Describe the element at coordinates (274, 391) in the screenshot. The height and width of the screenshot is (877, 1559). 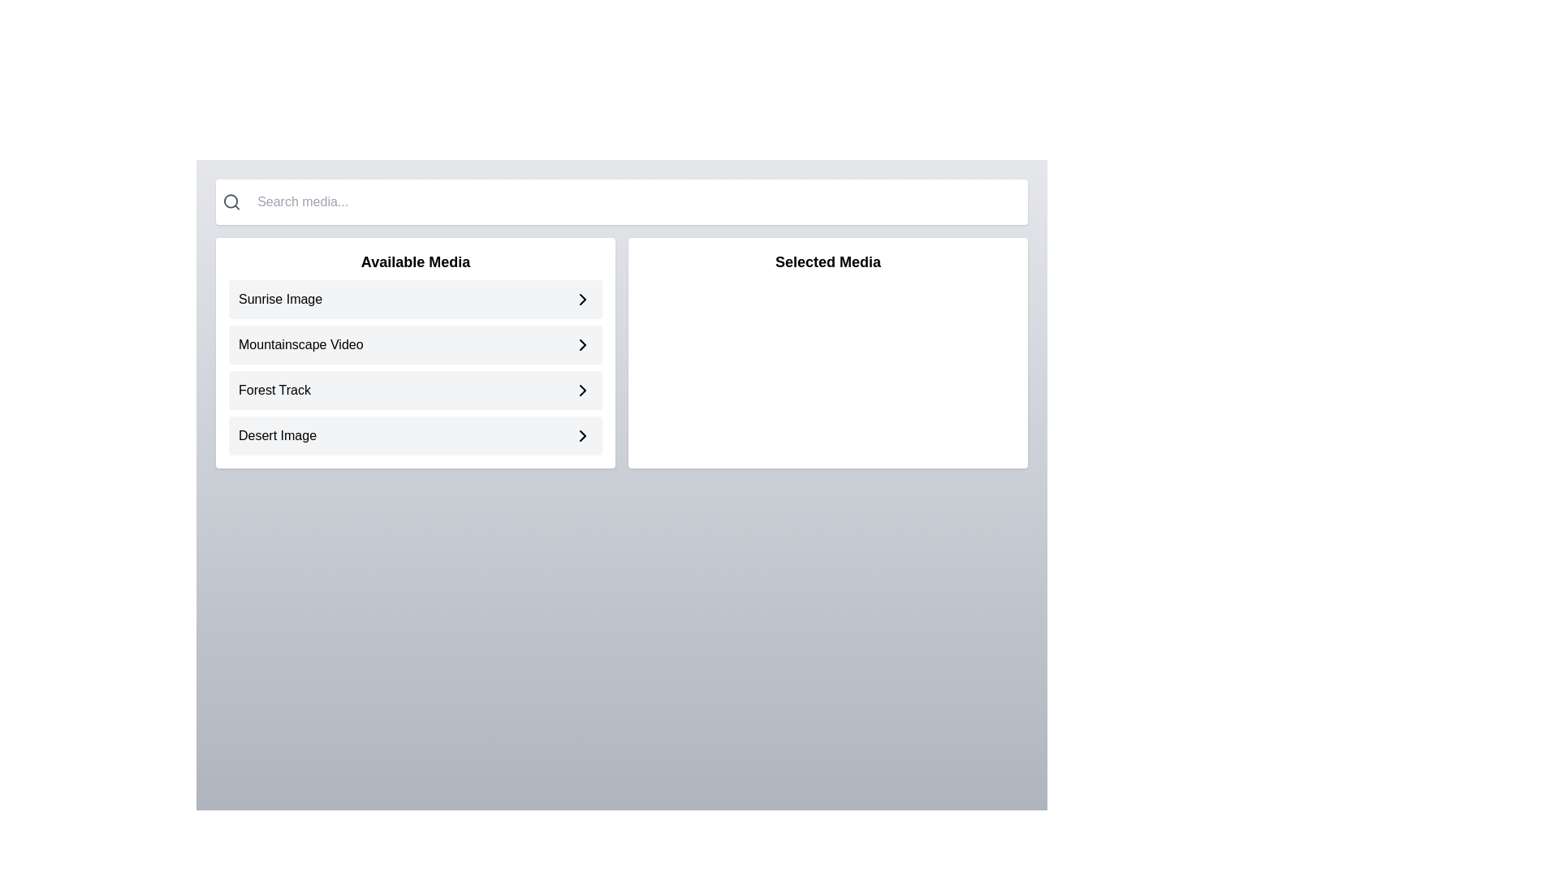
I see `the 'Forest Track' text label, which is the third entry under the 'Available Media' heading in the vertical list` at that location.